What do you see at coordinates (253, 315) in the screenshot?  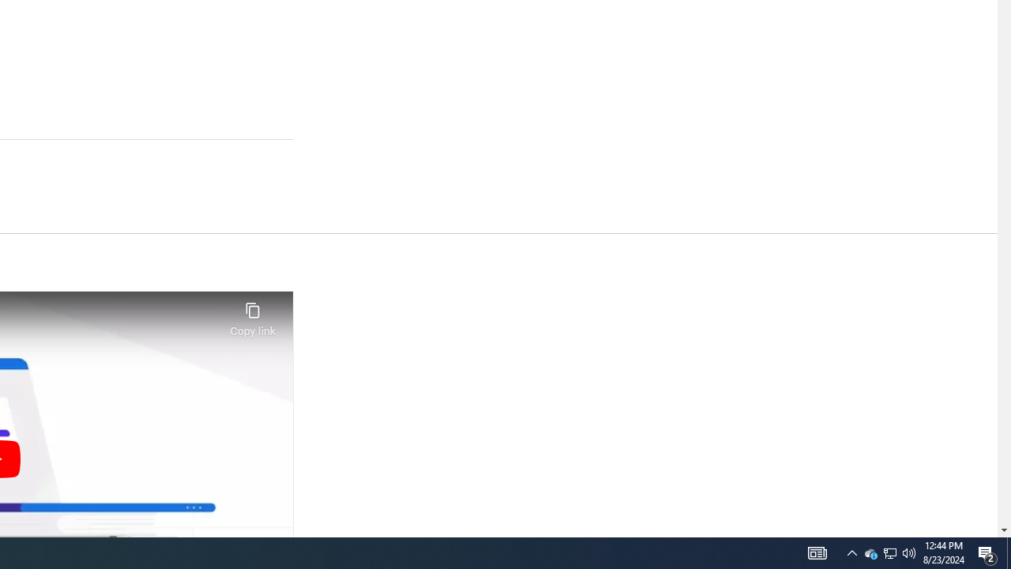 I see `'Copy link'` at bounding box center [253, 315].